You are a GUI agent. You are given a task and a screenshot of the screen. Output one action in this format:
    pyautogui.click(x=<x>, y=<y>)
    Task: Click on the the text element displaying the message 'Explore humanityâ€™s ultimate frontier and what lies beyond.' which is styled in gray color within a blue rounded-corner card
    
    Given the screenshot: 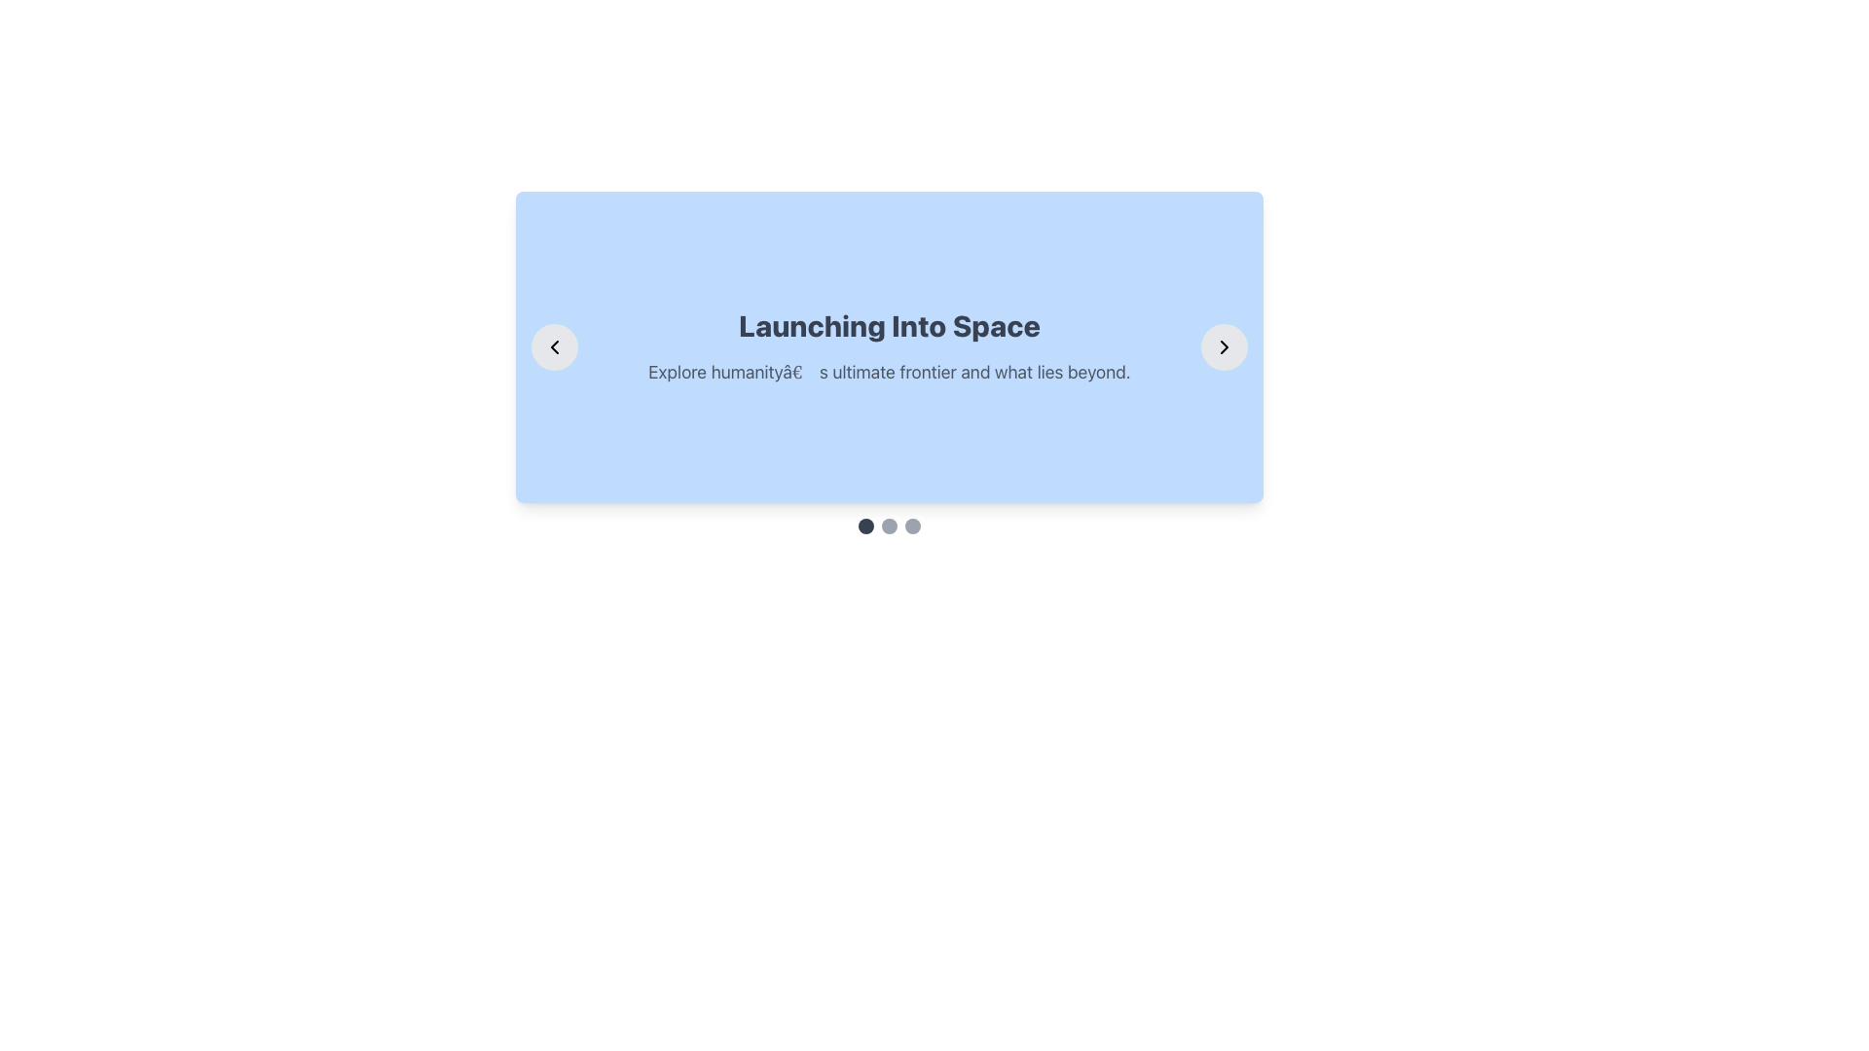 What is the action you would take?
    pyautogui.click(x=888, y=372)
    